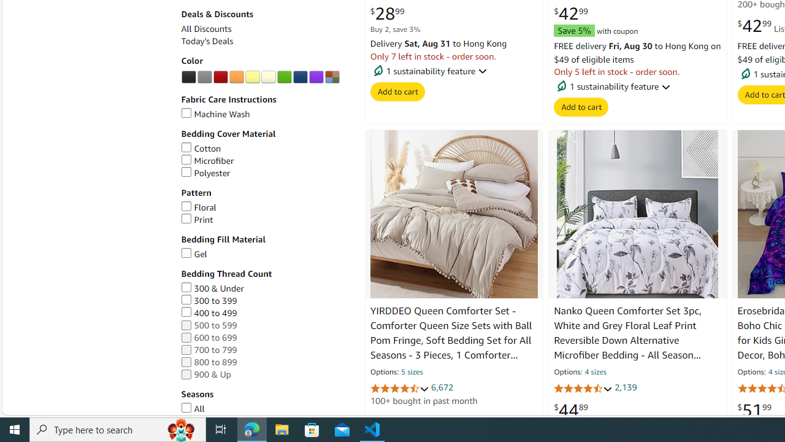 The height and width of the screenshot is (442, 785). Describe the element at coordinates (412, 372) in the screenshot. I see `'5 sizes'` at that location.